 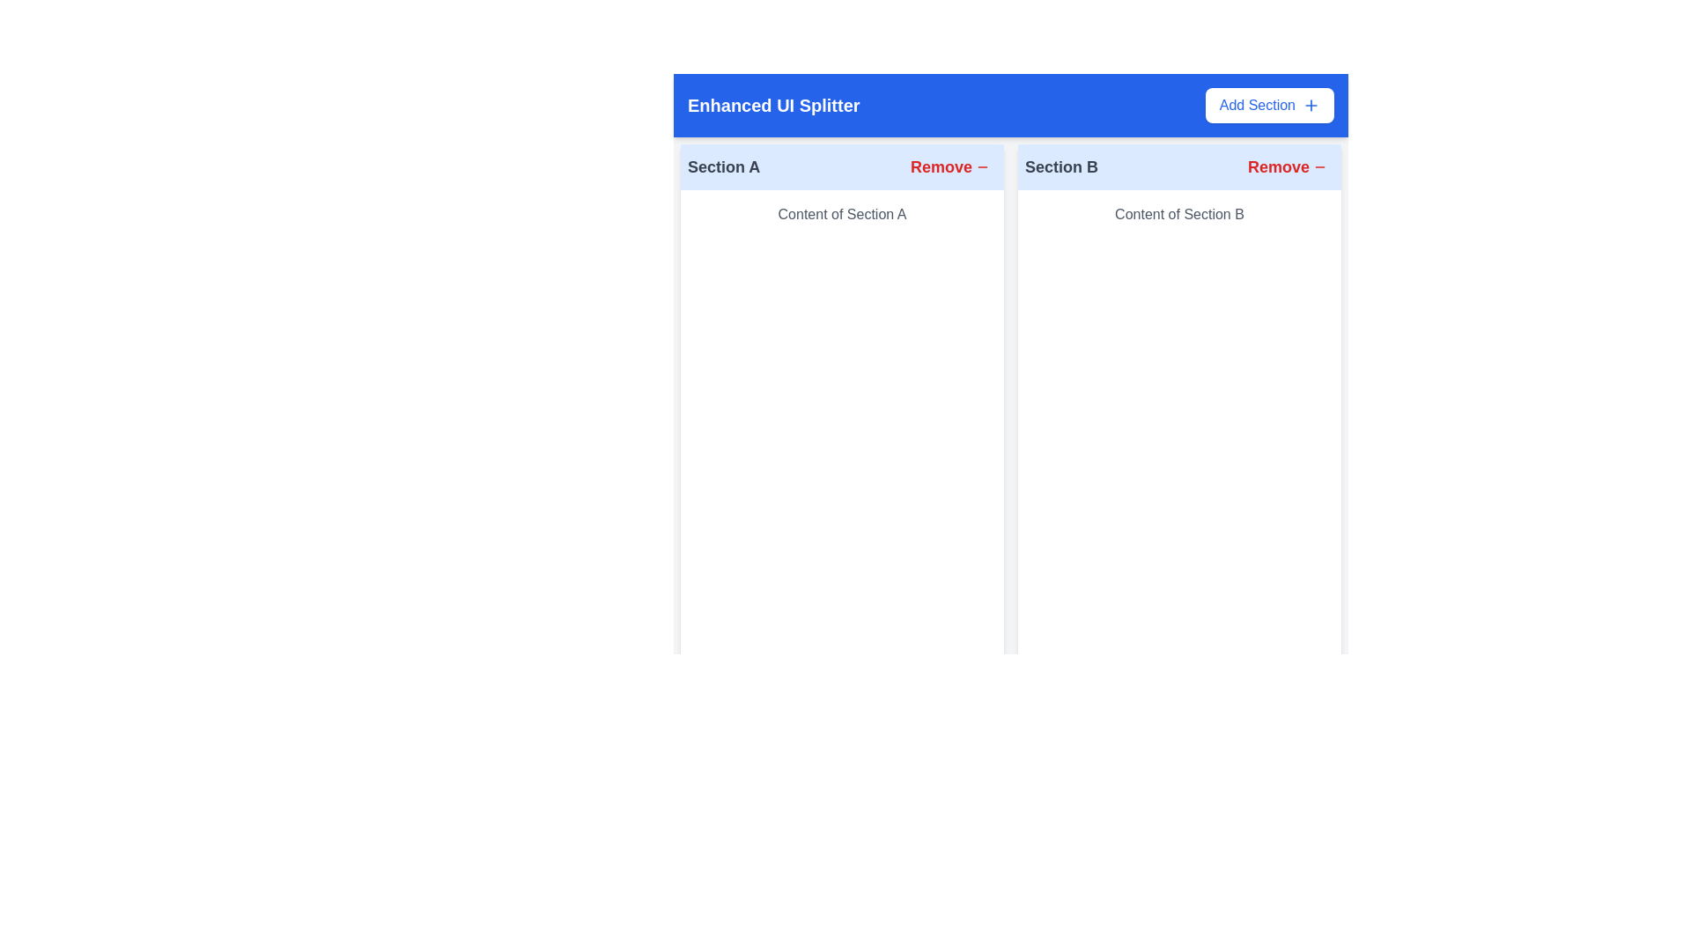 I want to click on the 'Remove' button with red text and a minus icon located in the header area of Section A, so click(x=949, y=166).